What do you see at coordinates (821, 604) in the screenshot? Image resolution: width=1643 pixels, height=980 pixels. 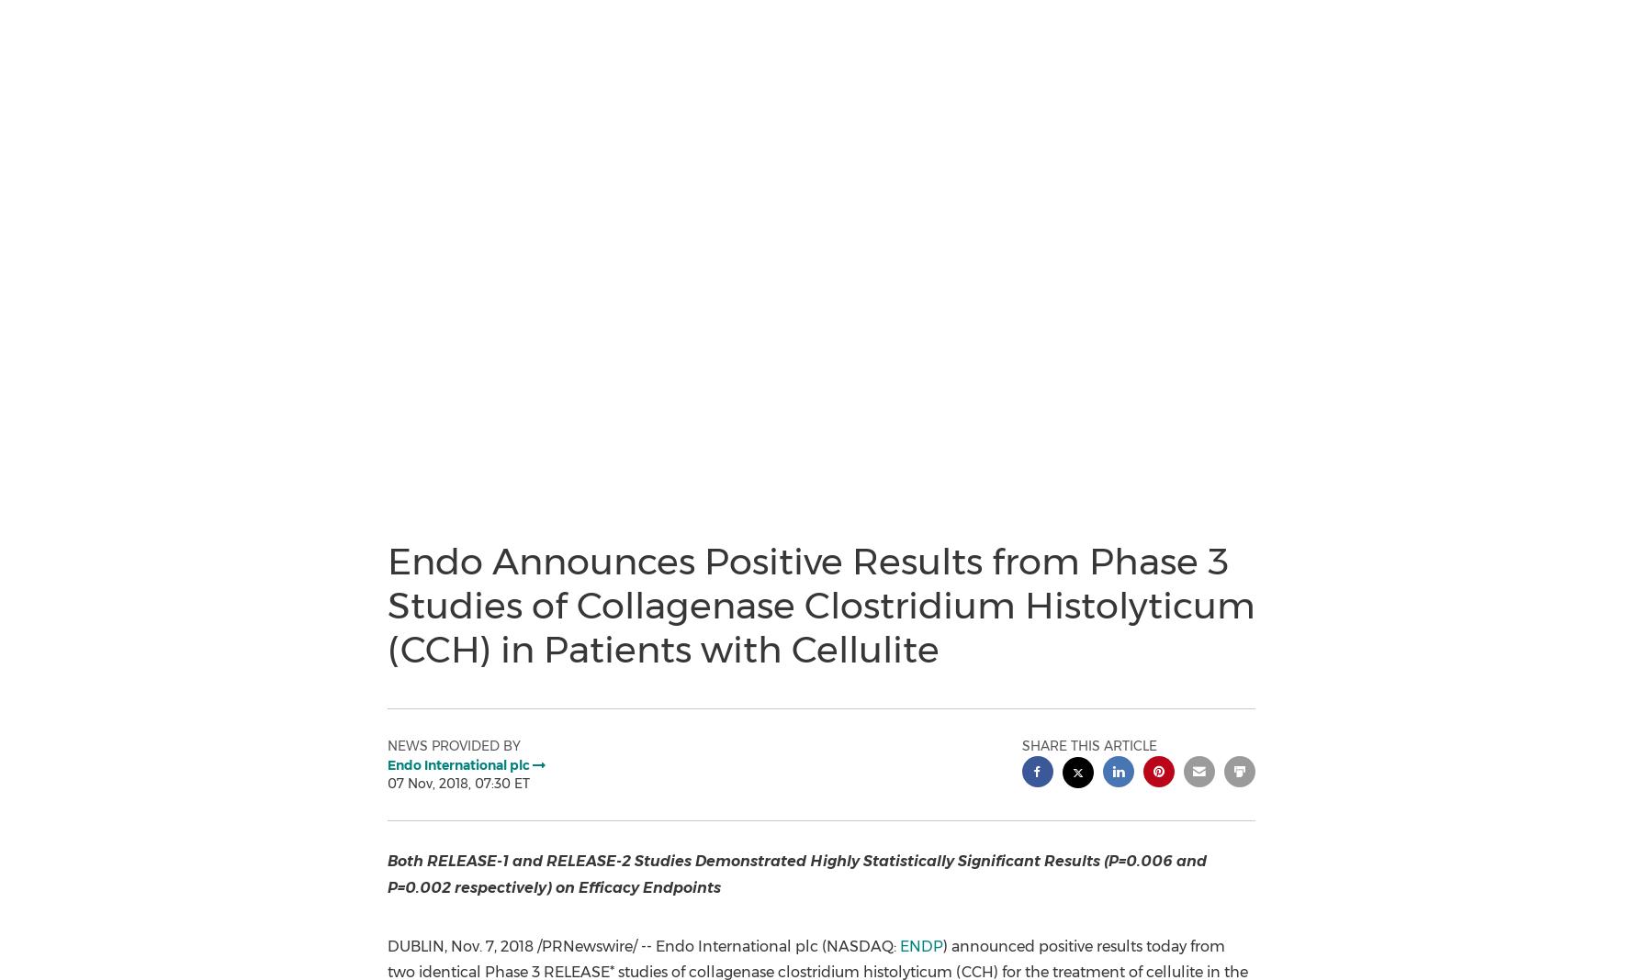 I see `'Endo Announces Positive Results from Phase 3 Studies of Collagenase Clostridium Histolyticum (CCH) in Patients with Cellulite'` at bounding box center [821, 604].